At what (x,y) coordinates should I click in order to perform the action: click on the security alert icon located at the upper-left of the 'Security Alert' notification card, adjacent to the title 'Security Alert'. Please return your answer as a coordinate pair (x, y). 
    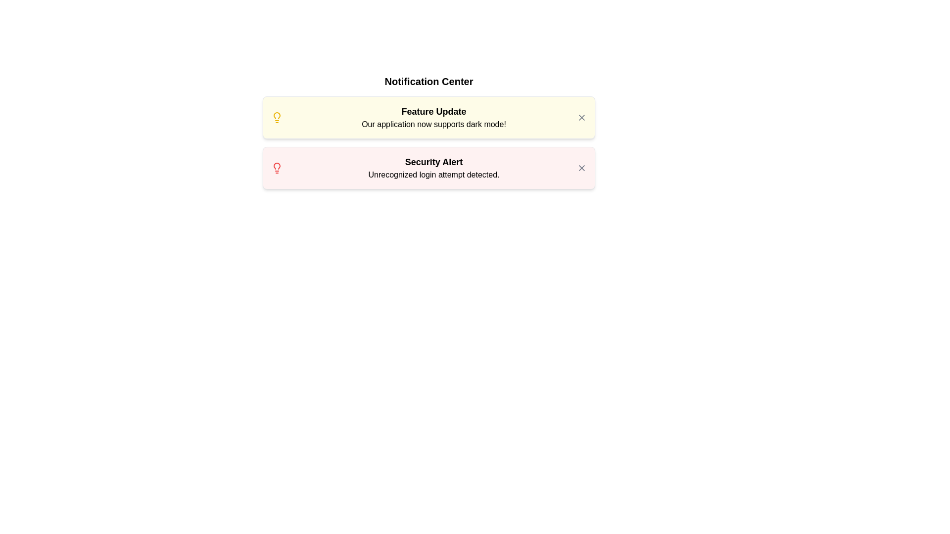
    Looking at the image, I should click on (277, 167).